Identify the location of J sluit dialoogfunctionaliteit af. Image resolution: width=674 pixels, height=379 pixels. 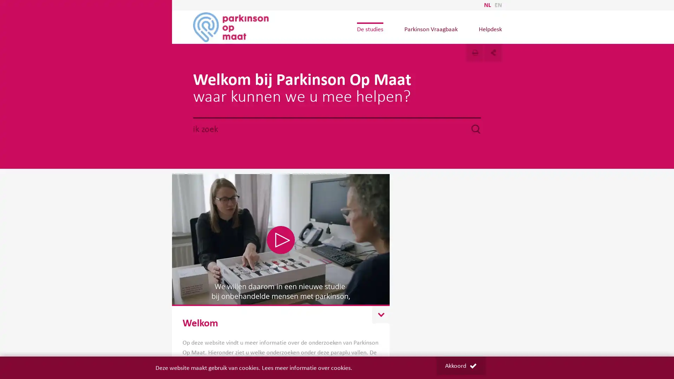
(456, 46).